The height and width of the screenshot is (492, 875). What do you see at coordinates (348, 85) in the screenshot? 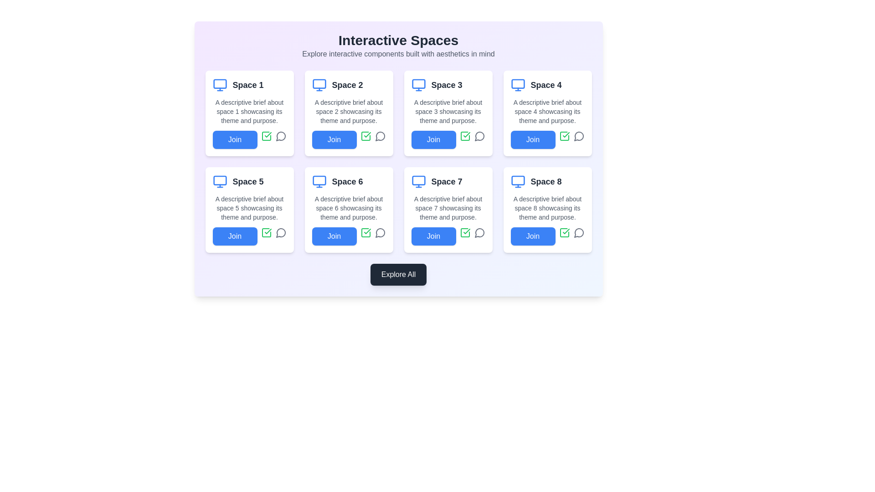
I see `the 'Space 2' card, which features a bold dark gray label and a computer monitor icon, located in the upper-middle section of the interface` at bounding box center [348, 85].